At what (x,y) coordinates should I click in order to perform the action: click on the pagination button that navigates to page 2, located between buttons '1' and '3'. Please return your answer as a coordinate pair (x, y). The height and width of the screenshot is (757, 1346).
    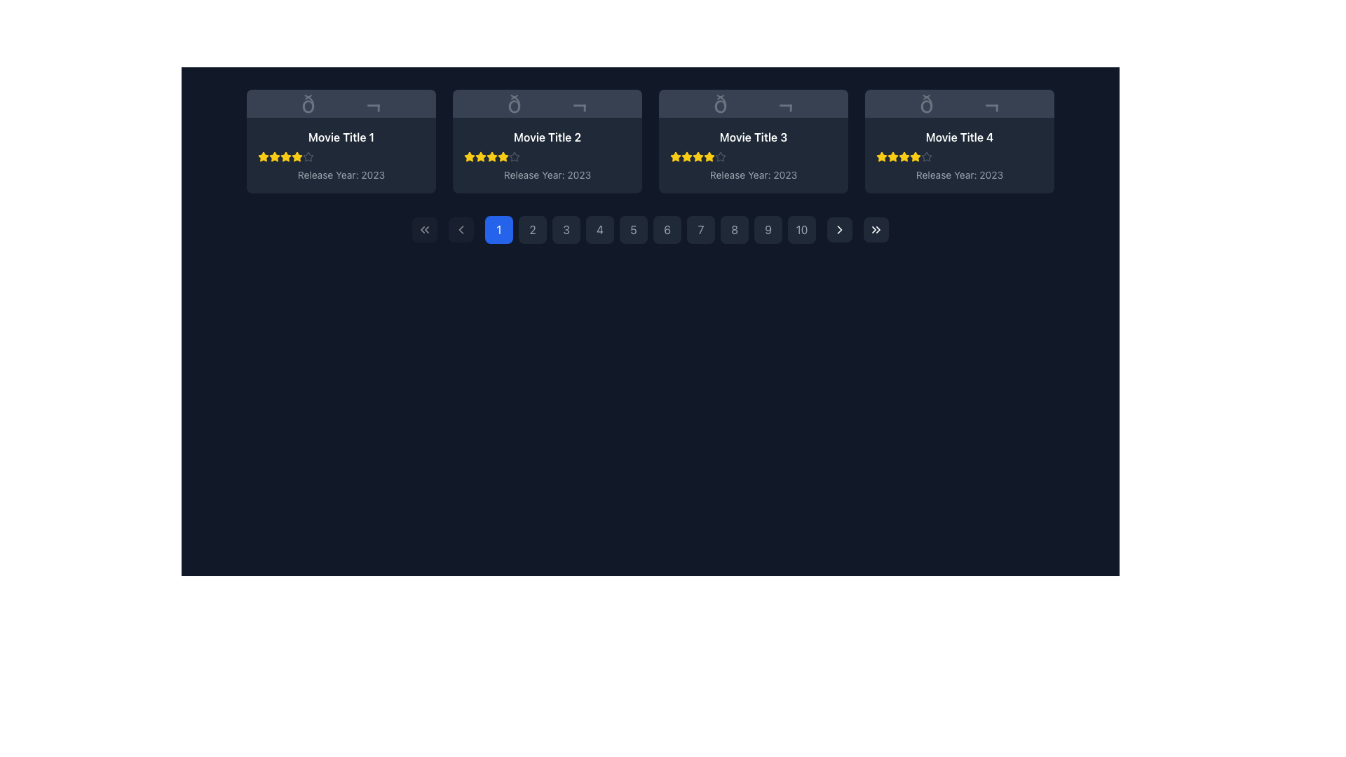
    Looking at the image, I should click on (531, 229).